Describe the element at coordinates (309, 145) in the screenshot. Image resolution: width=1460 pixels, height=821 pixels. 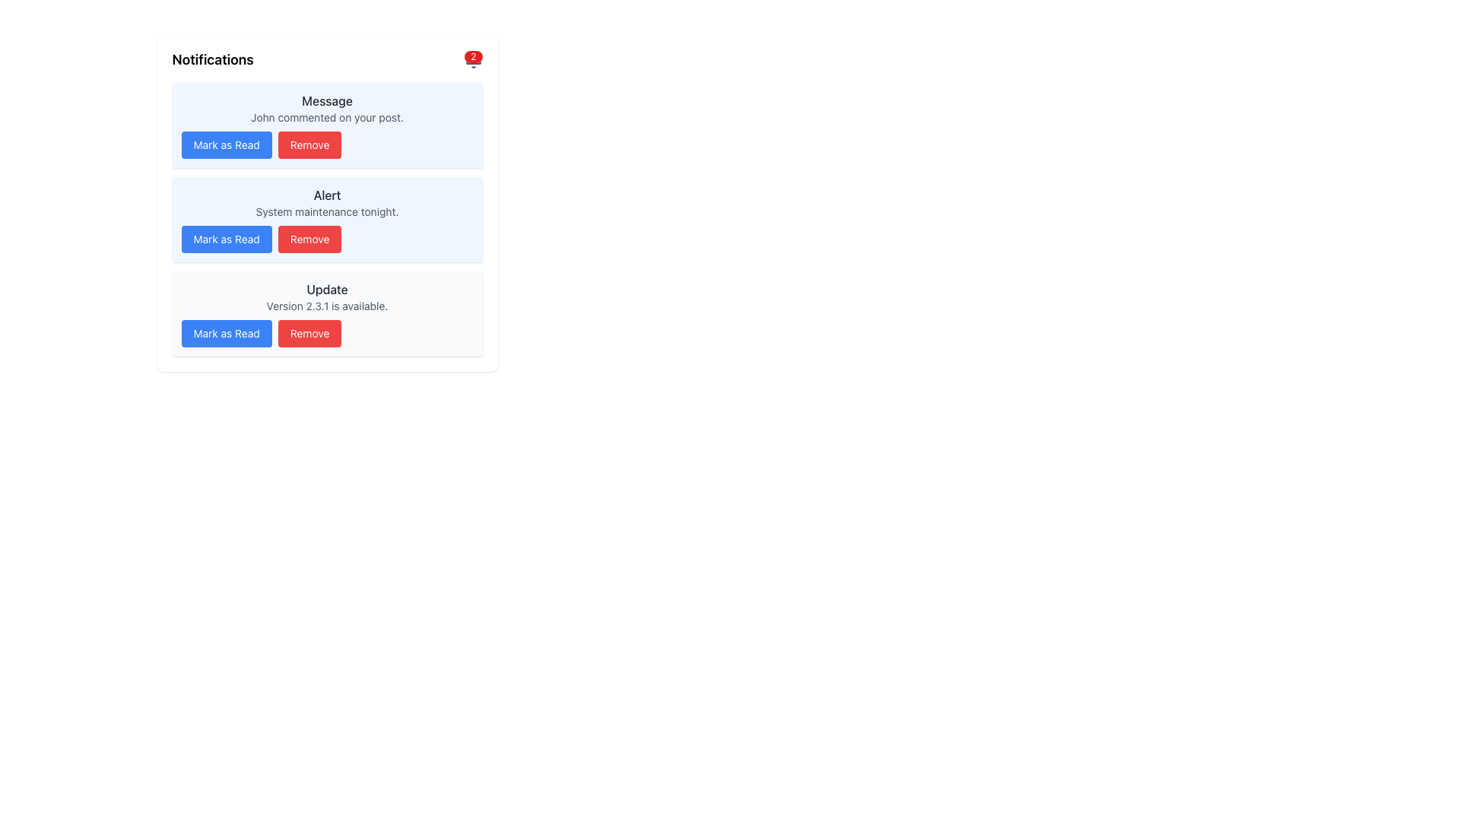
I see `the button for removing the associated notification message, which is located to the right of the 'Mark as Read' button in the top message block of the notification list` at that location.